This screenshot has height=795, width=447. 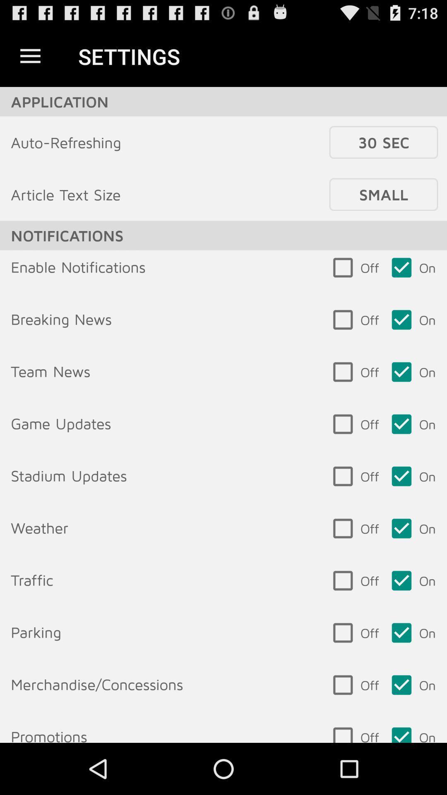 What do you see at coordinates (30, 56) in the screenshot?
I see `item to the left of settings icon` at bounding box center [30, 56].